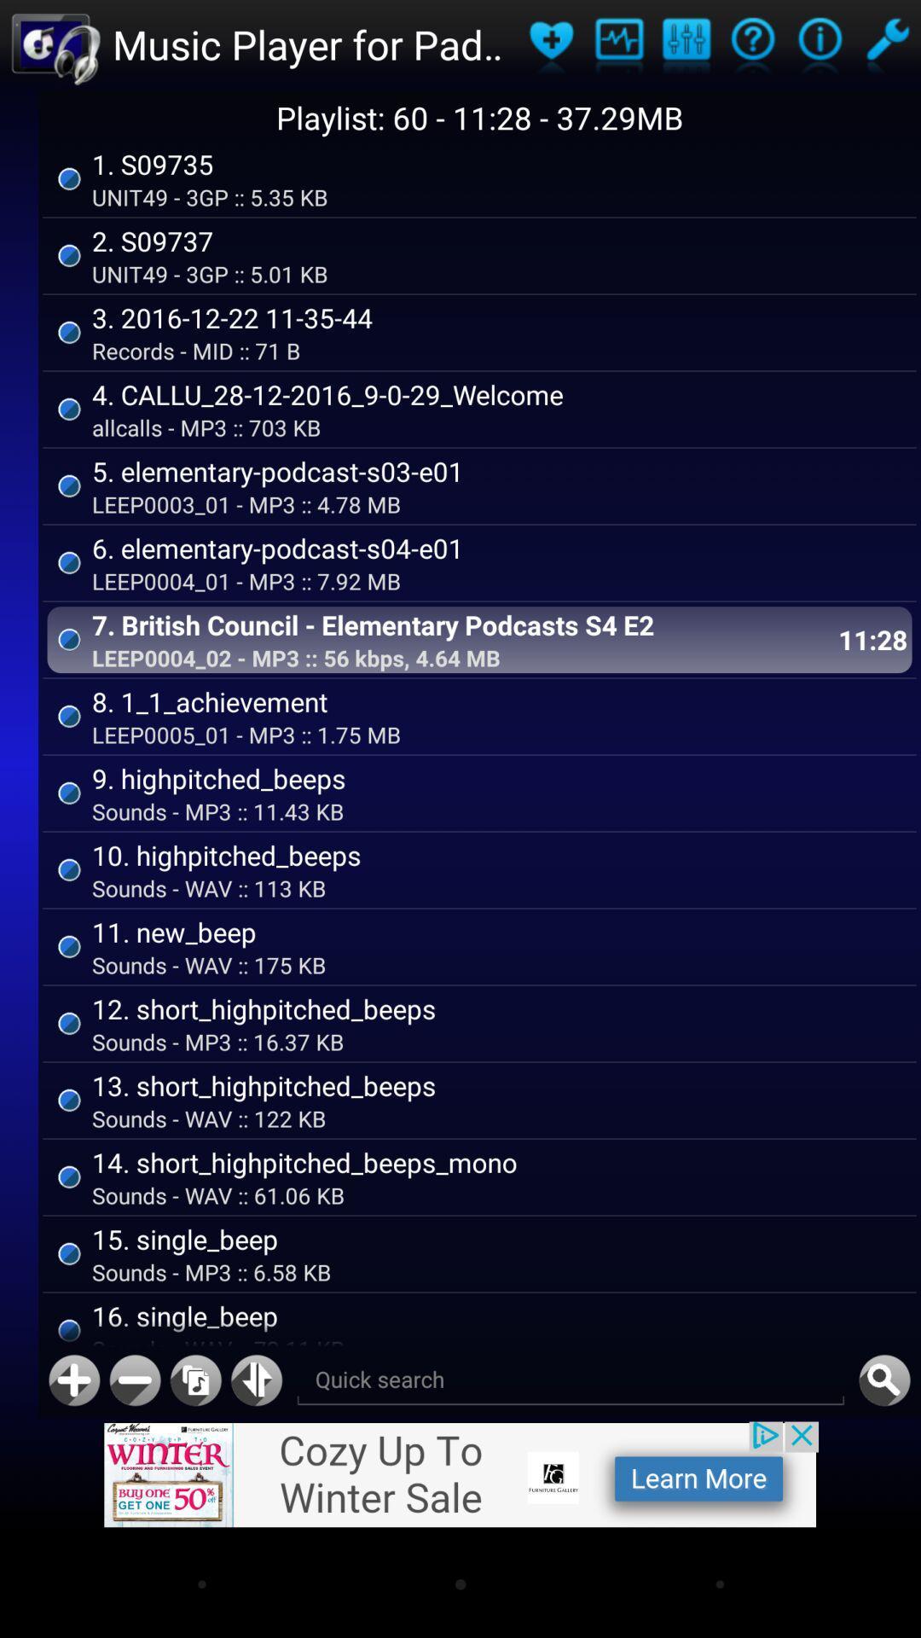 The image size is (921, 1638). What do you see at coordinates (886, 44) in the screenshot?
I see `settings swich option` at bounding box center [886, 44].